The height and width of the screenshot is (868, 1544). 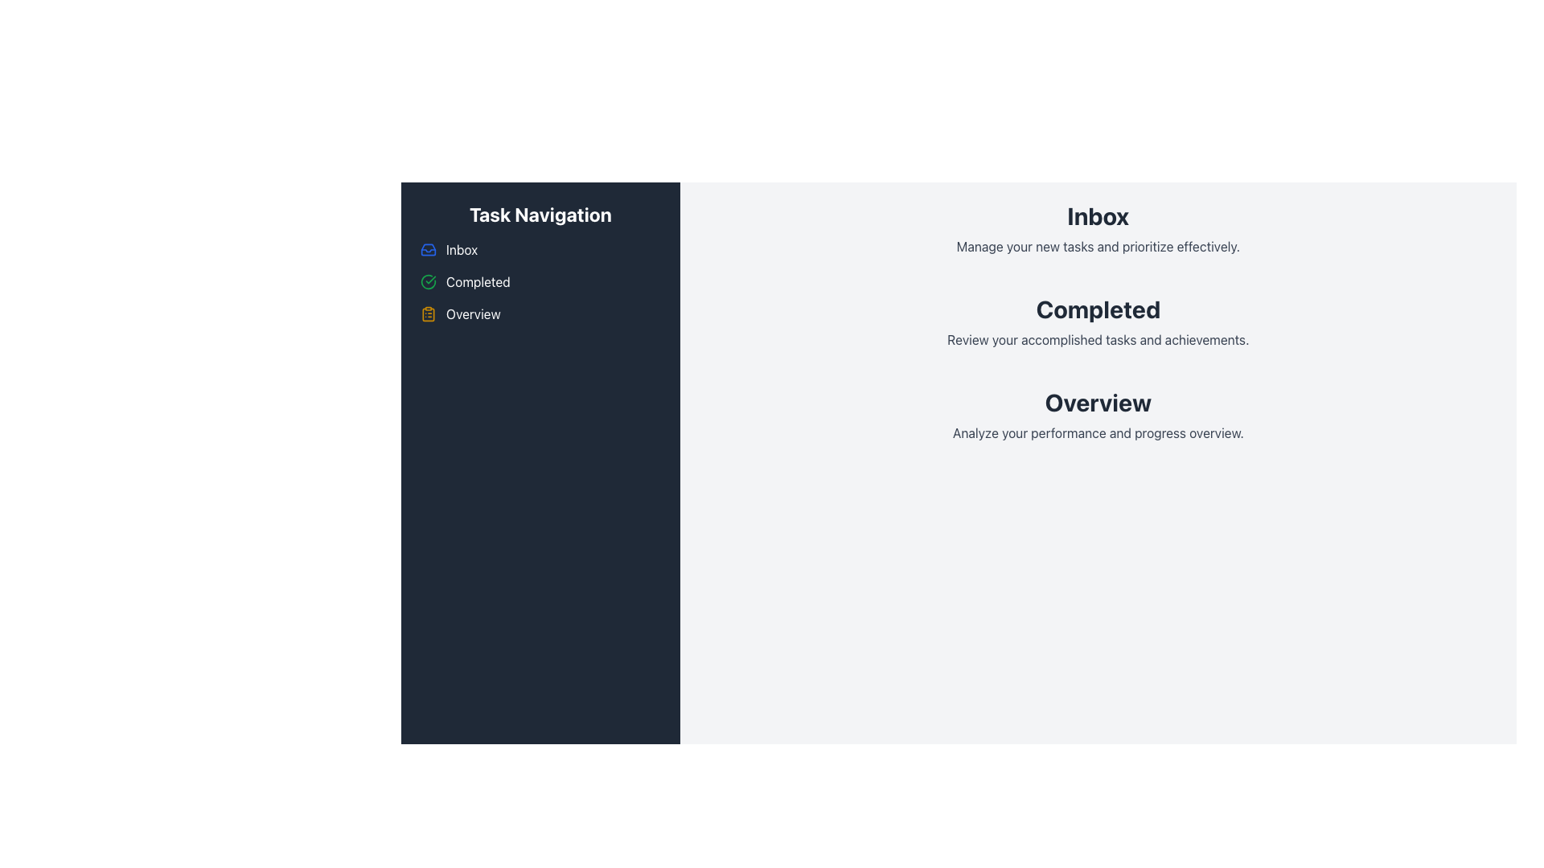 What do you see at coordinates (1097, 215) in the screenshot?
I see `the text label reading 'Inbox' which is styled in bold and large dark gray font, located at the top of the content area` at bounding box center [1097, 215].